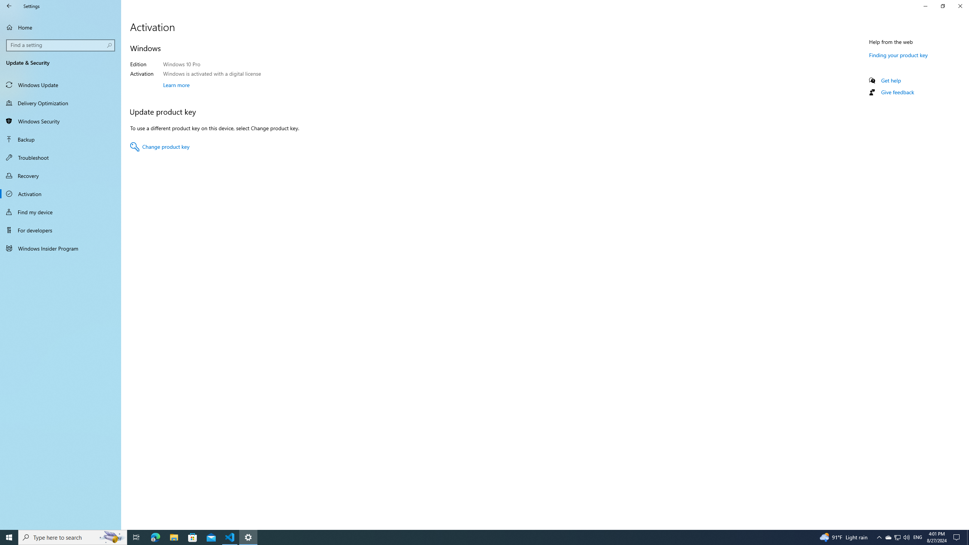 Image resolution: width=969 pixels, height=545 pixels. Describe the element at coordinates (60, 157) in the screenshot. I see `'Troubleshoot'` at that location.